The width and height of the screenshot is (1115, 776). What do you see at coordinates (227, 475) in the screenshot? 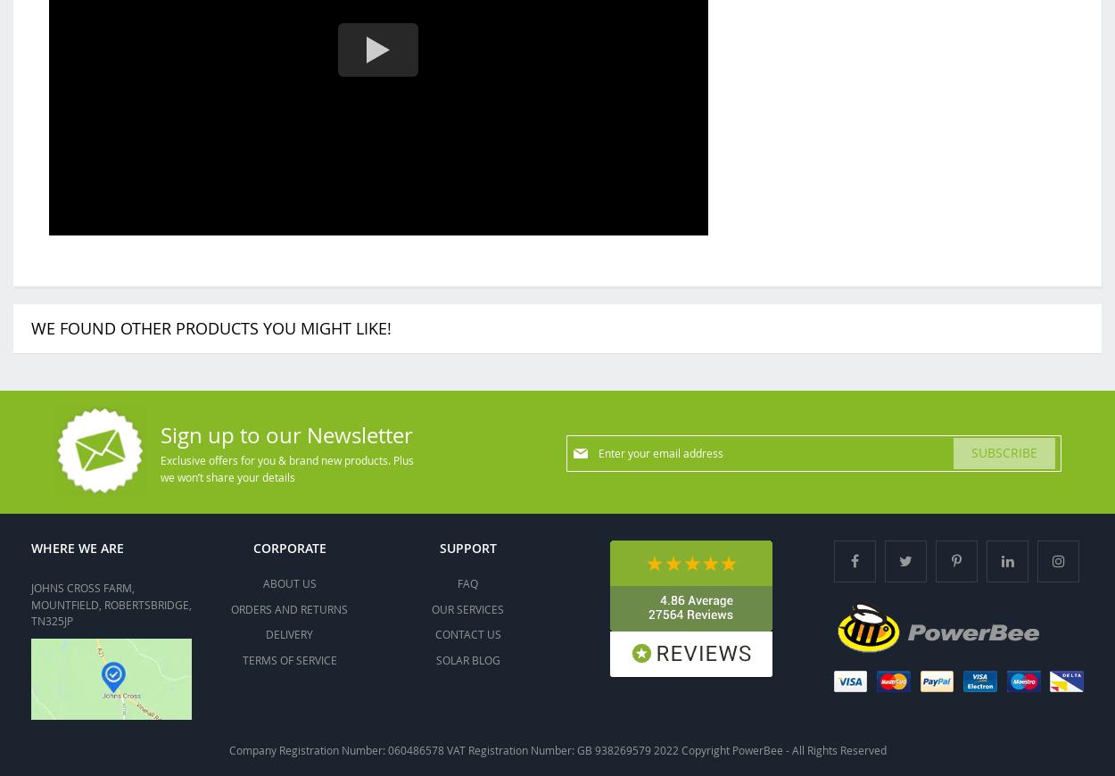
I see `'we won’t share your details'` at bounding box center [227, 475].